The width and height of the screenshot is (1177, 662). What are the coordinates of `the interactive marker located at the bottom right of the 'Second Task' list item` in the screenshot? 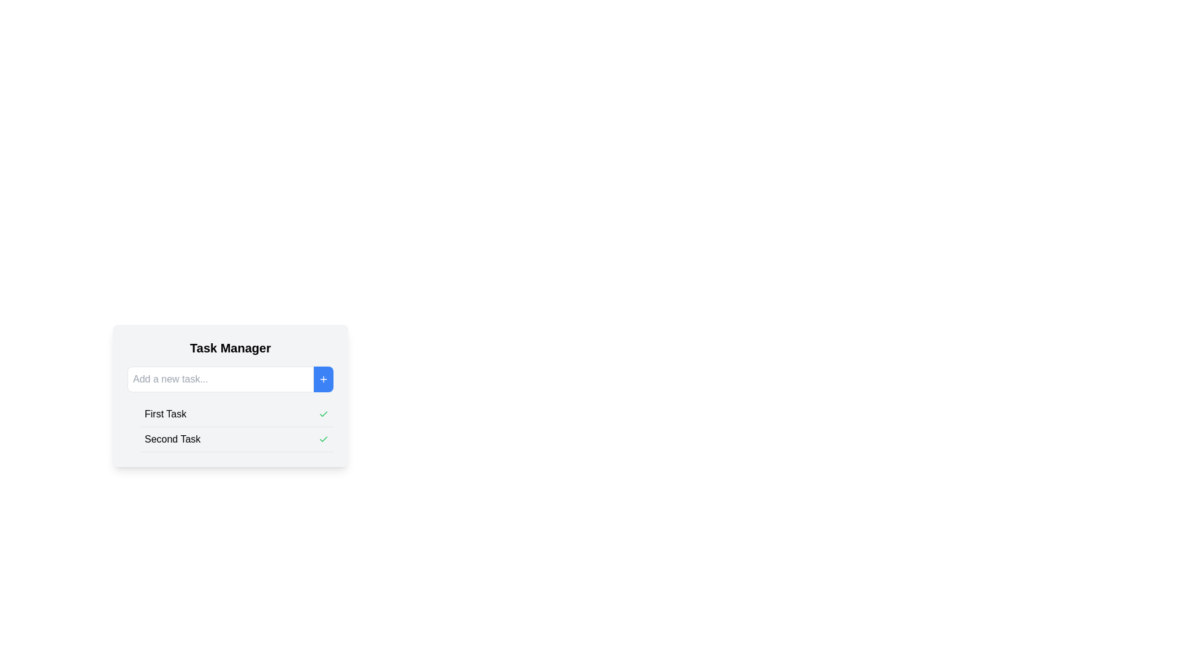 It's located at (324, 439).